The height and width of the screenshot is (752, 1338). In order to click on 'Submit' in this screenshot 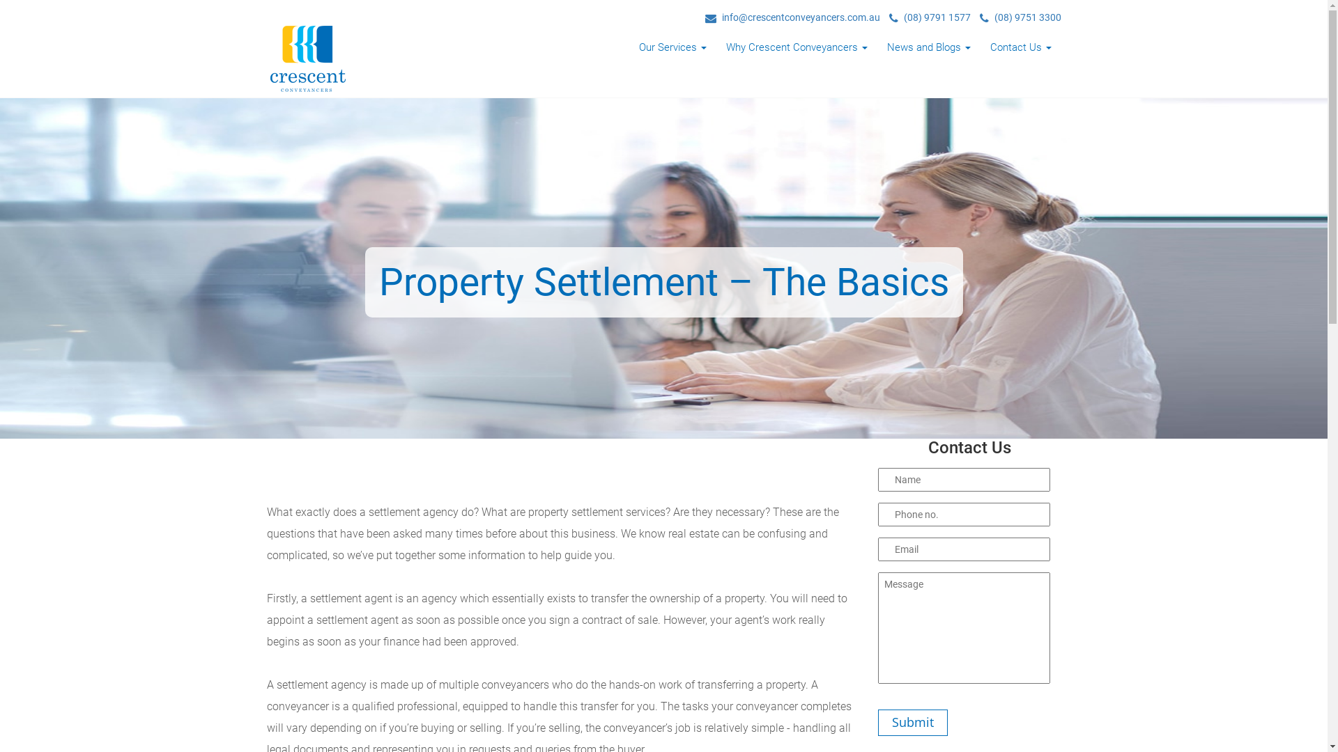, I will do `click(877, 721)`.